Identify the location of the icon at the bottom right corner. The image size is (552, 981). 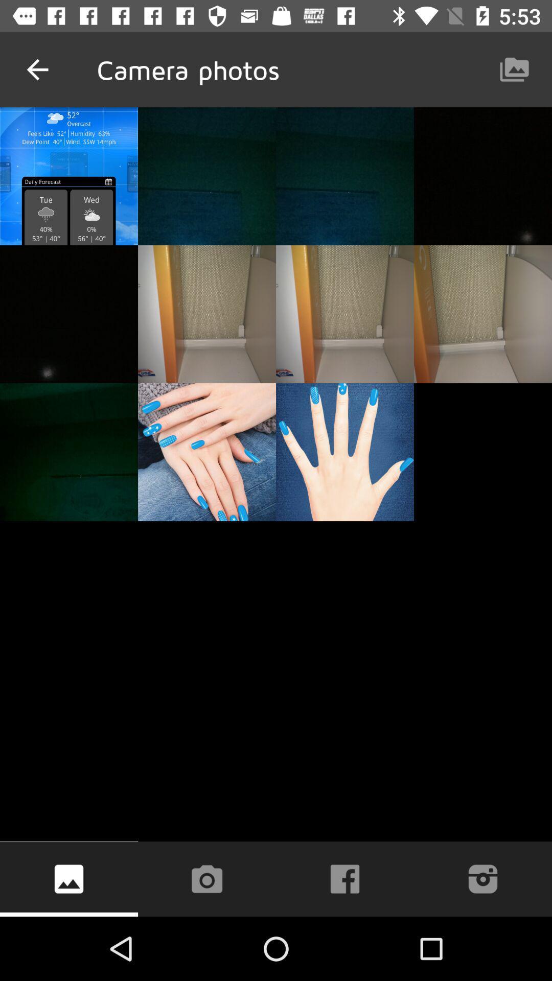
(483, 878).